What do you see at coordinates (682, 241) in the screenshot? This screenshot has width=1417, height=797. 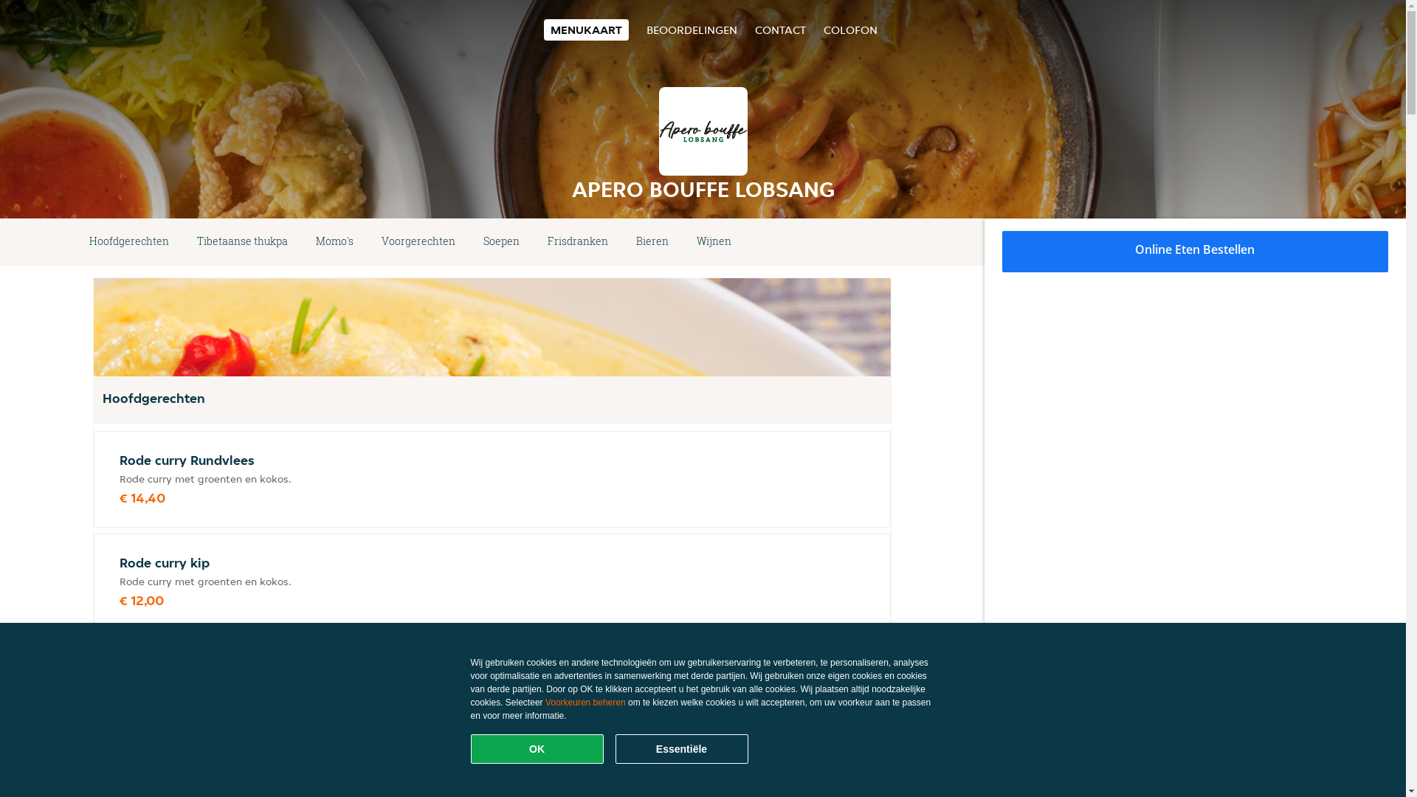 I see `'Wijnen'` at bounding box center [682, 241].